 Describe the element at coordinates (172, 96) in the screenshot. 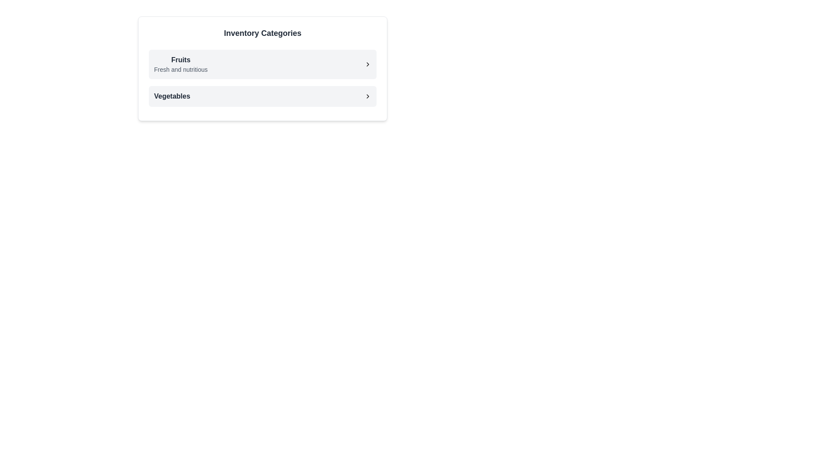

I see `the 'Vegetables' text label, which is bold and dark gray, located within a light gray background box in the second selectable item of a vertically stacked list` at that location.